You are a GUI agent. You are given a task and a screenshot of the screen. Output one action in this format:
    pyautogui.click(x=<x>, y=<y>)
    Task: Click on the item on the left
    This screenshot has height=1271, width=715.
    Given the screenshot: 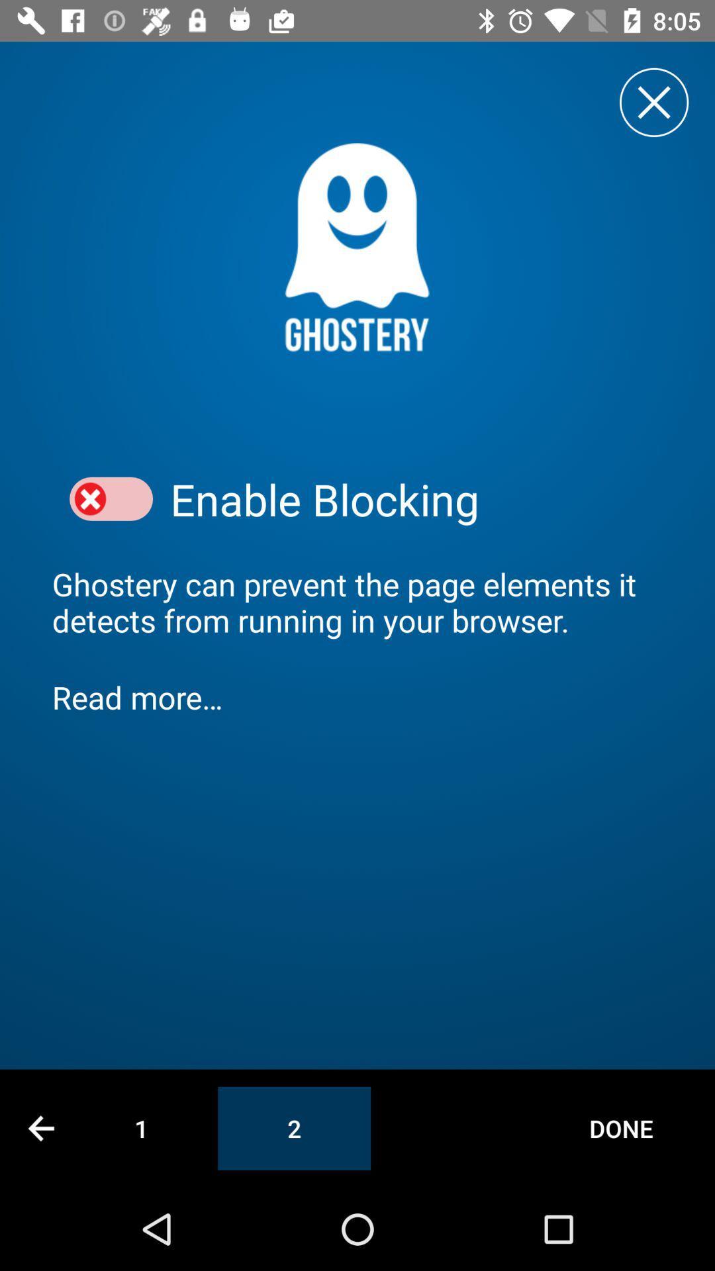 What is the action you would take?
    pyautogui.click(x=111, y=498)
    